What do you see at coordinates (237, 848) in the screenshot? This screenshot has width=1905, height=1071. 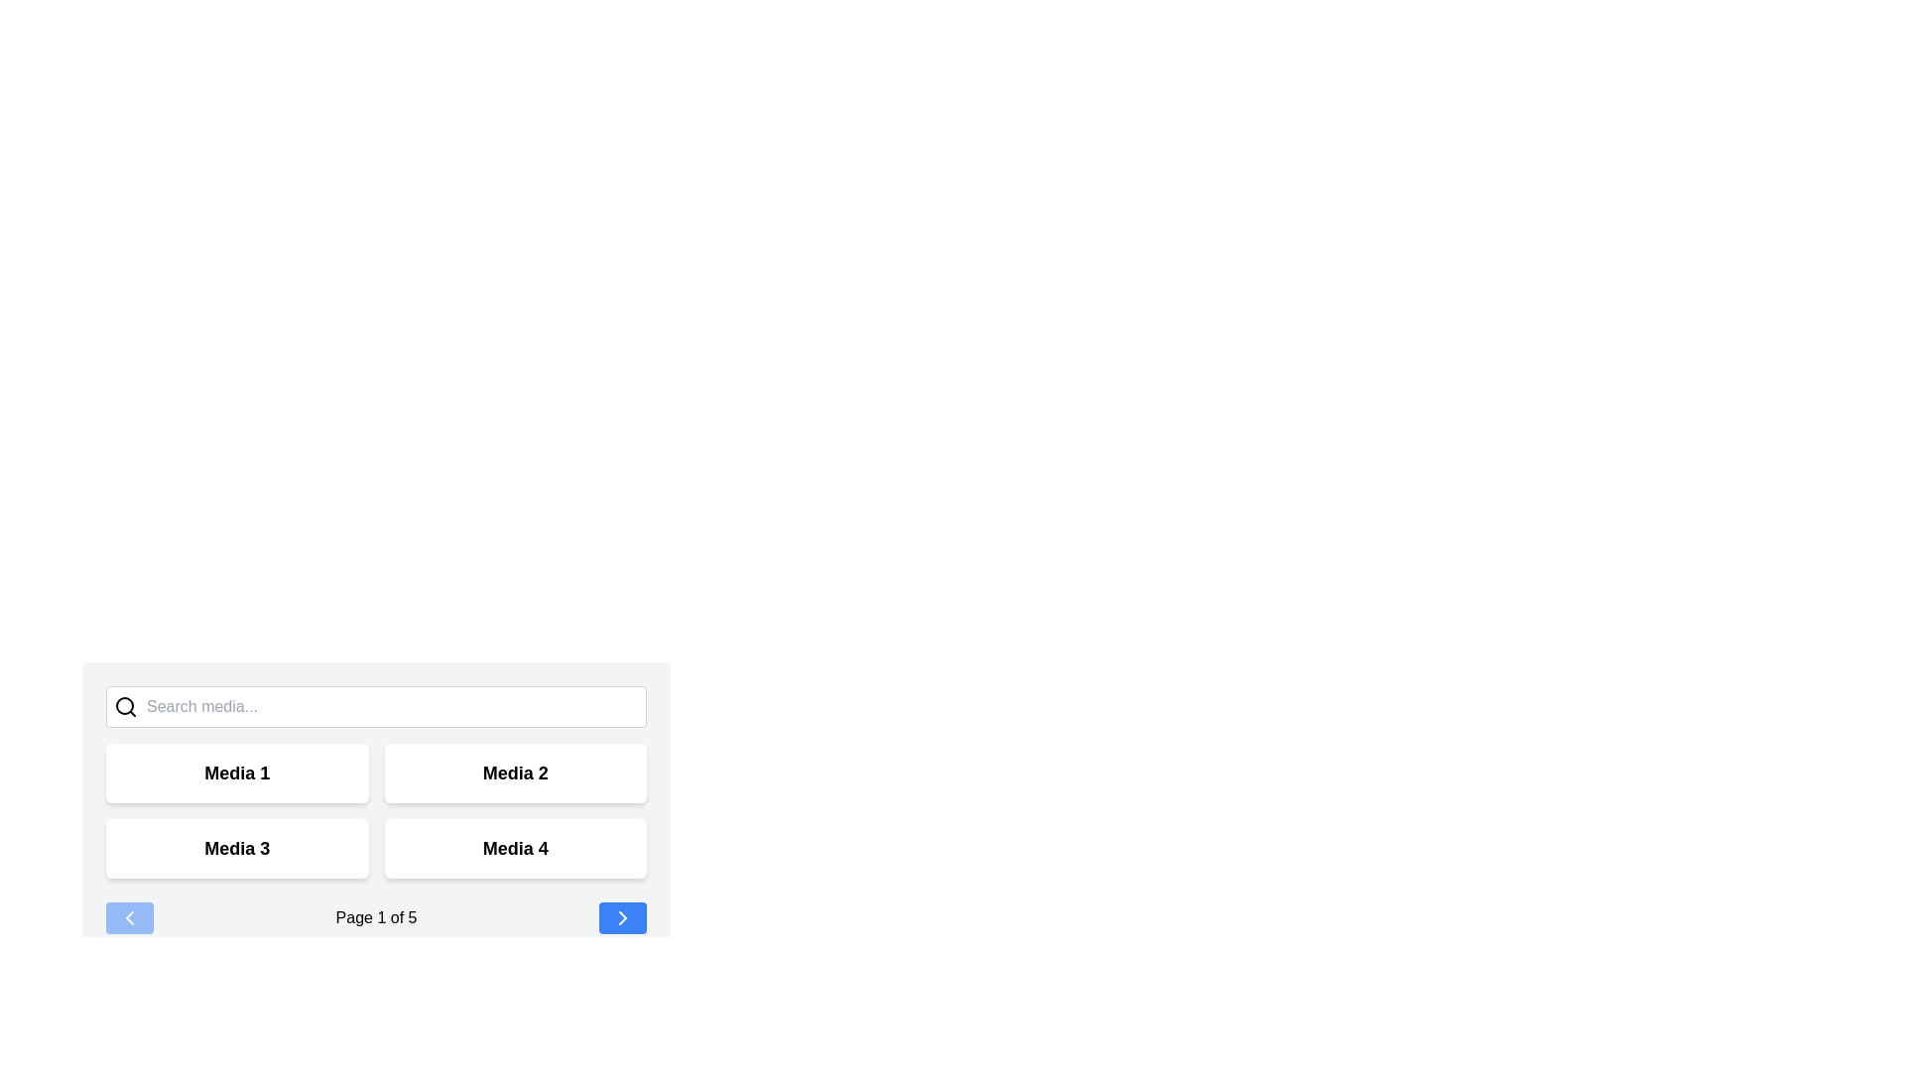 I see `the bold text label displaying 'Media 3' that is located within a white rectangular card with rounded corners and shadow effect, positioned in the bottom-left quadrant of a 2x2 grid of cards` at bounding box center [237, 848].